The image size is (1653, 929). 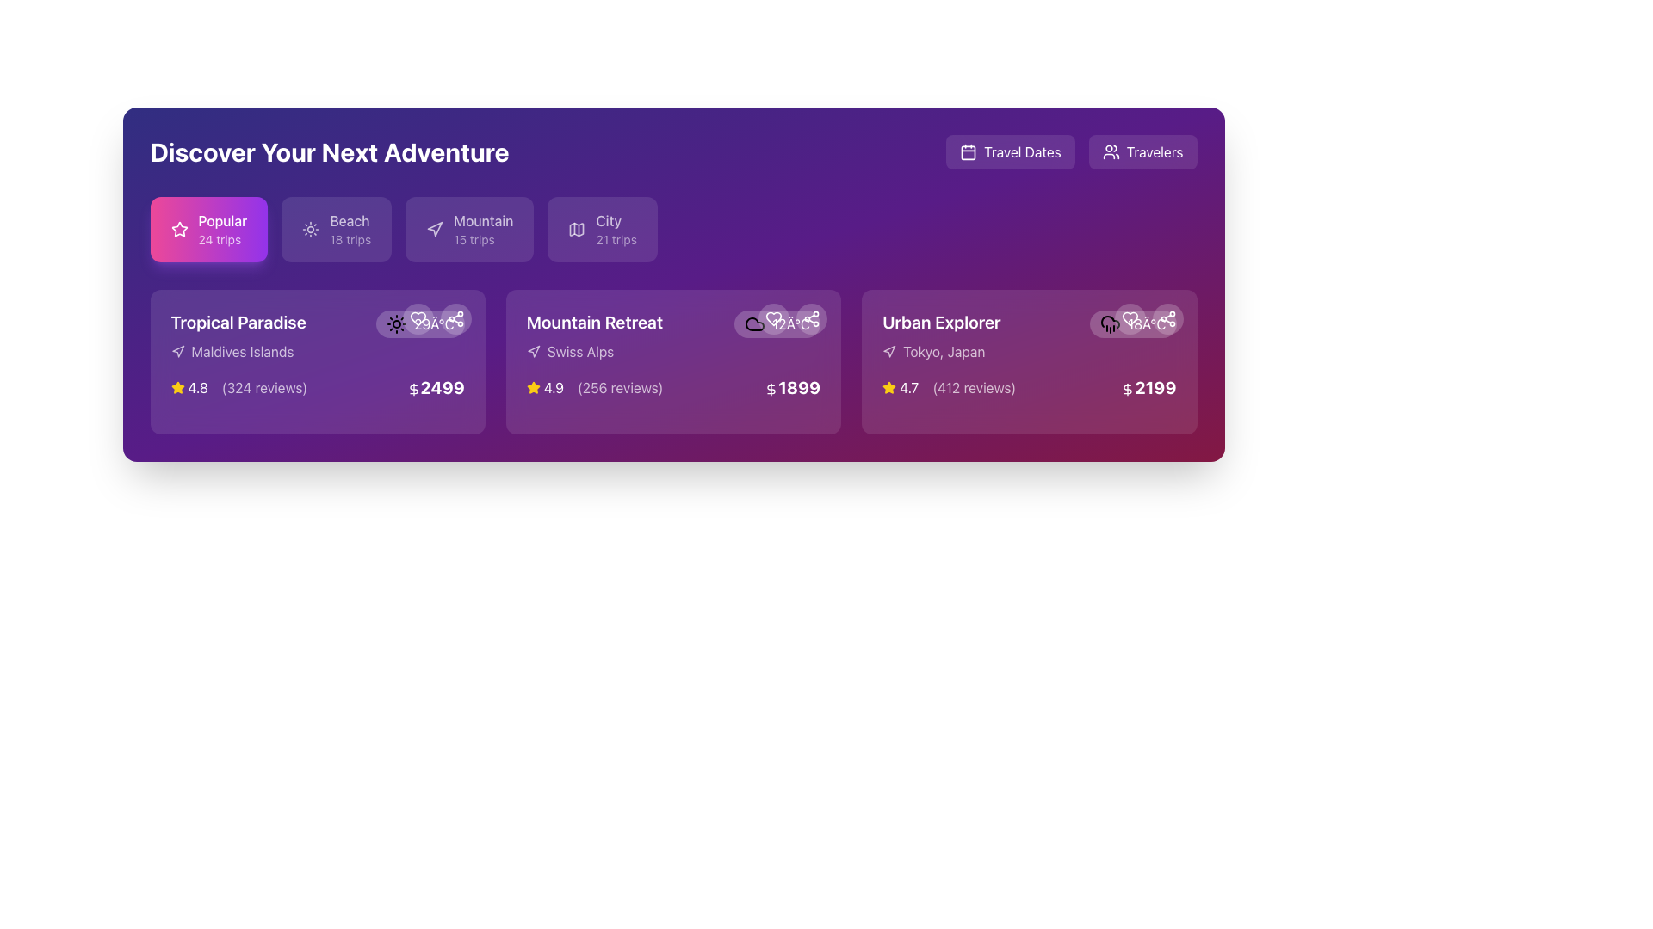 What do you see at coordinates (595, 335) in the screenshot?
I see `the Text Display element that features 'Mountain Retreat' and 'Swiss Alps', which is located in the second card from the left under 'Discover Your Next Adventure'` at bounding box center [595, 335].